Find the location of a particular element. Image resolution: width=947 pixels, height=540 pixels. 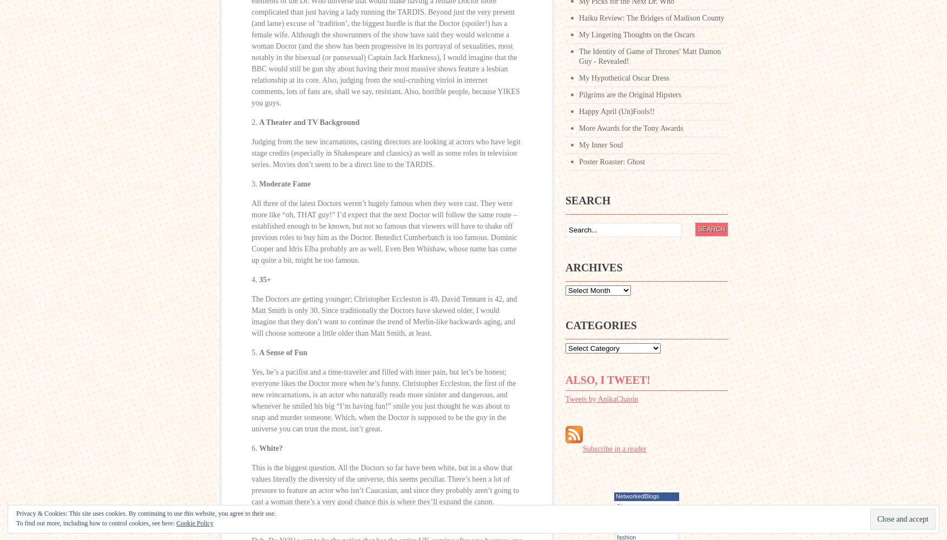

'Pilgrims are the Original Hipsters' is located at coordinates (578, 94).